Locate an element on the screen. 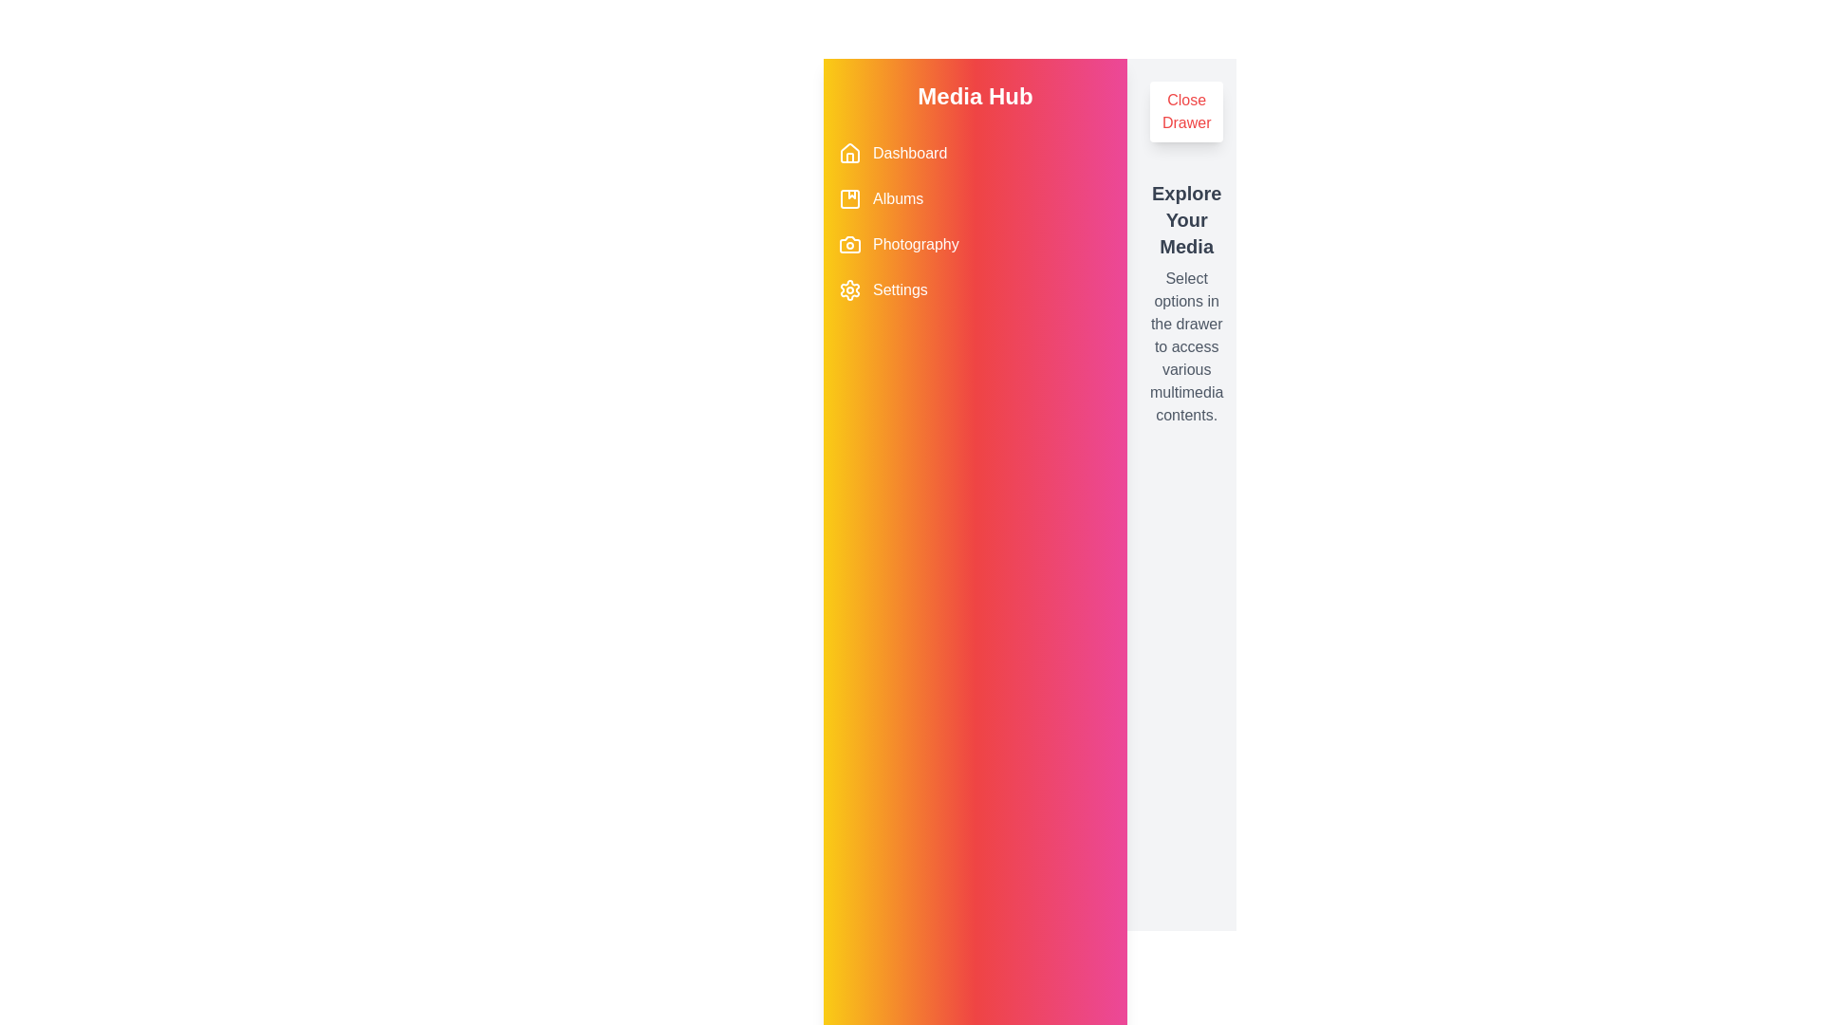  the 'Close Drawer' button to toggle the drawer is located at coordinates (1184, 112).